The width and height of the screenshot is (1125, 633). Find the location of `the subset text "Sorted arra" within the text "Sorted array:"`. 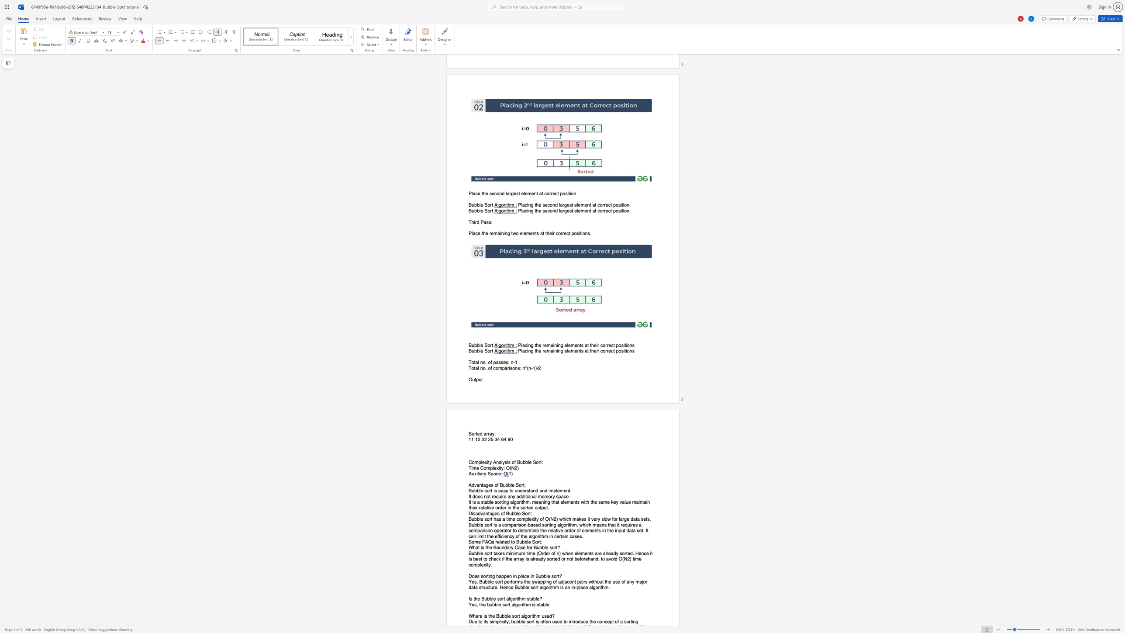

the subset text "Sorted arra" within the text "Sorted array:" is located at coordinates (468, 434).